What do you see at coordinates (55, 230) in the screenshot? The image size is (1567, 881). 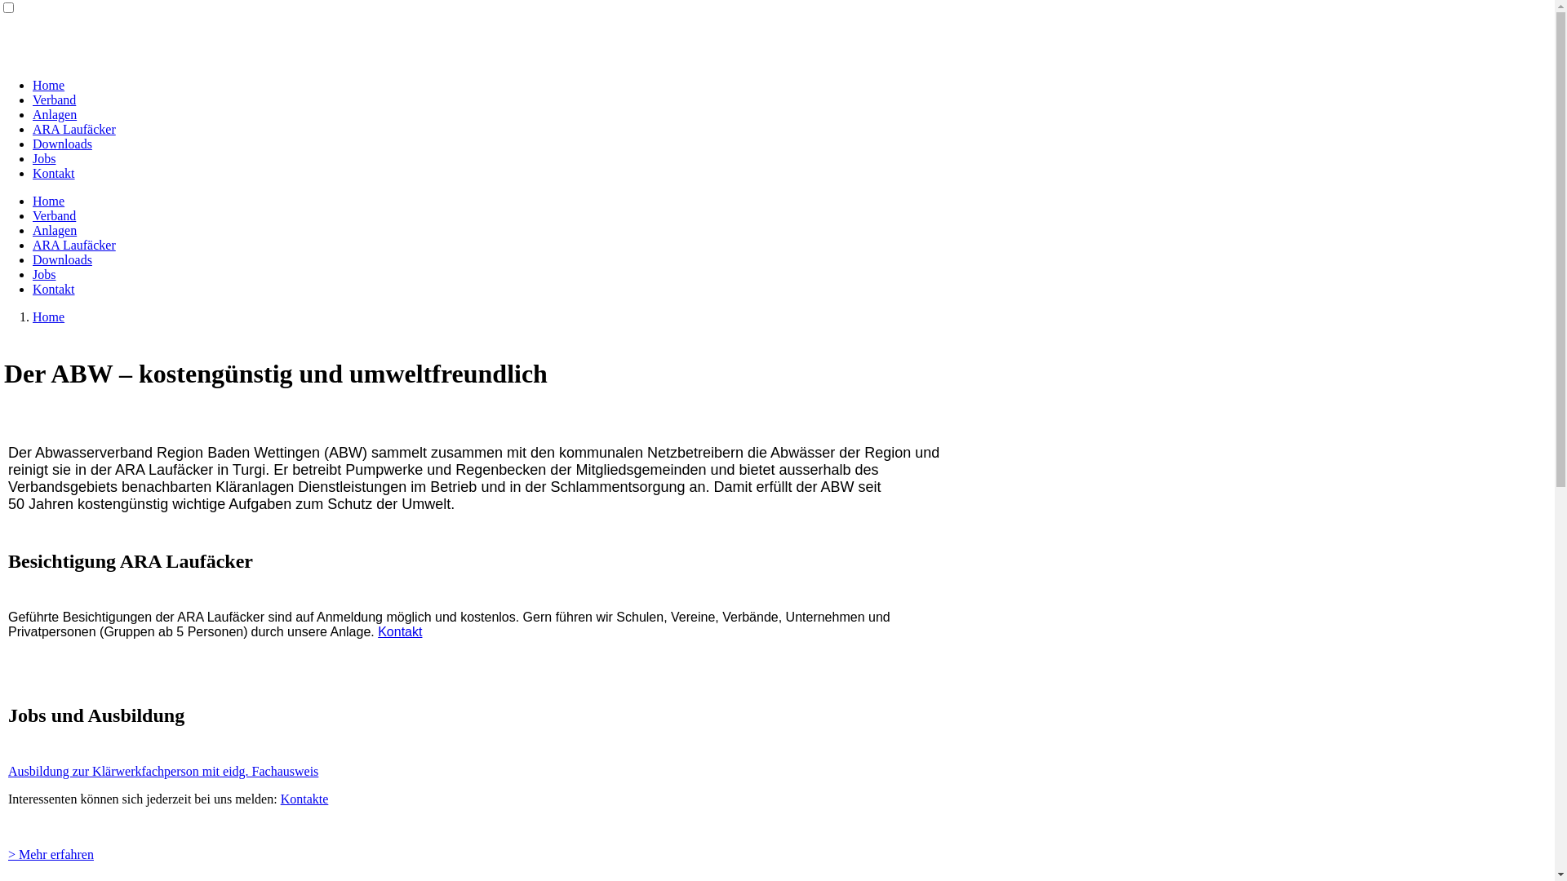 I see `'Anlagen'` at bounding box center [55, 230].